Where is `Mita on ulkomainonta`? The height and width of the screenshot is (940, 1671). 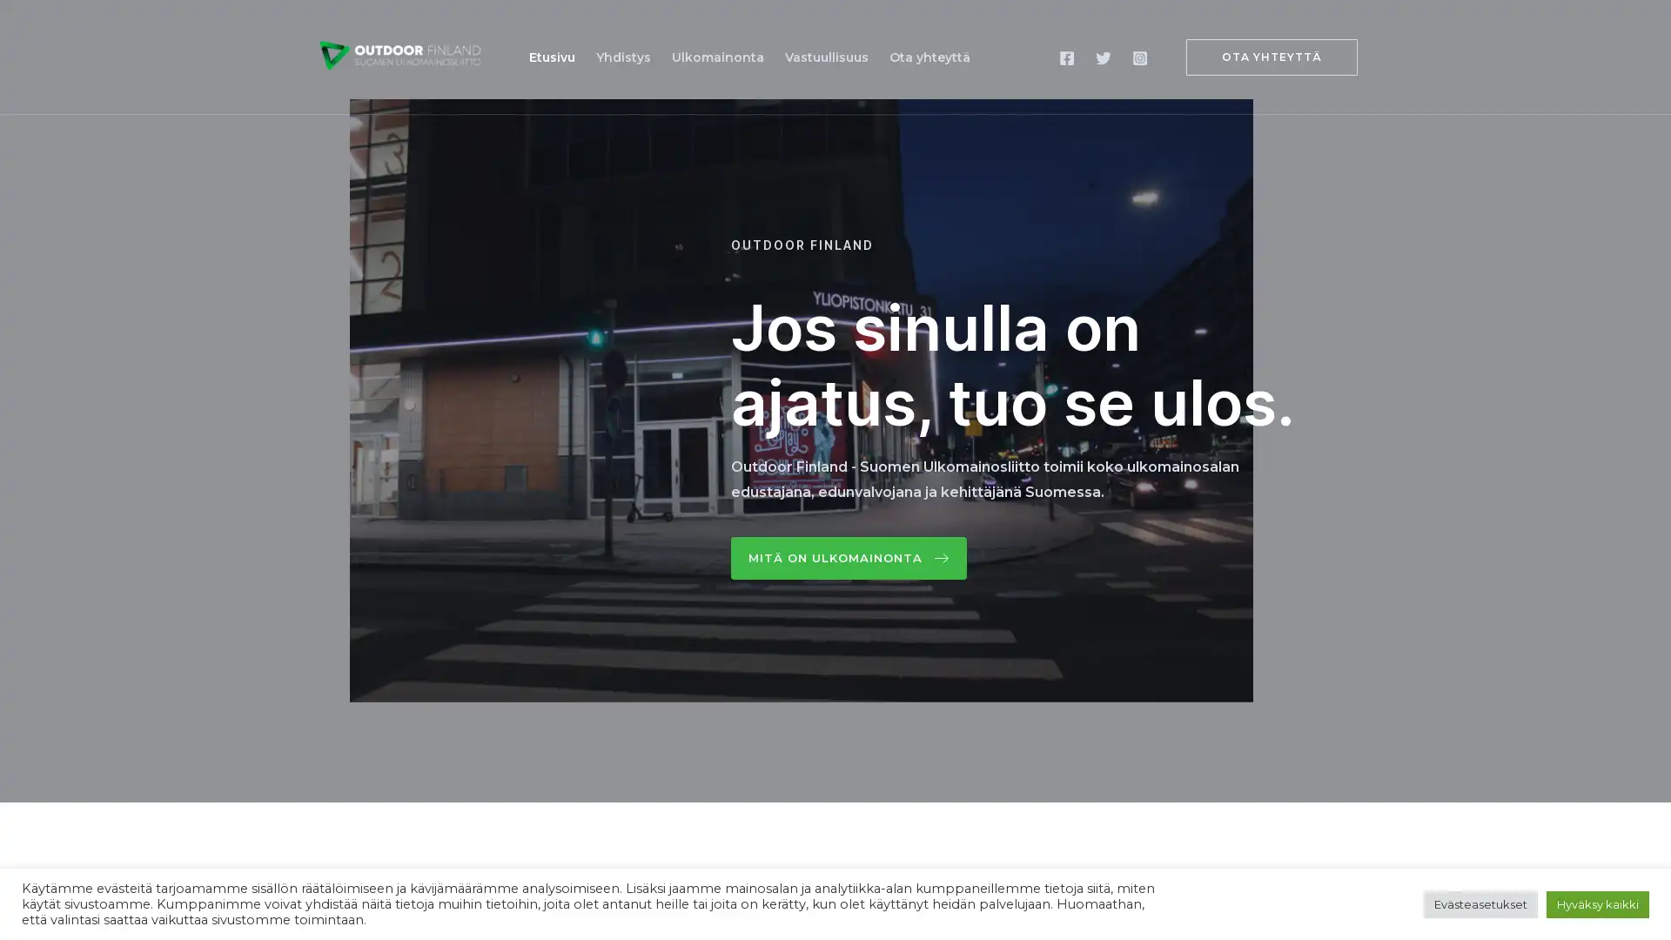
Mita on ulkomainonta is located at coordinates (849, 557).